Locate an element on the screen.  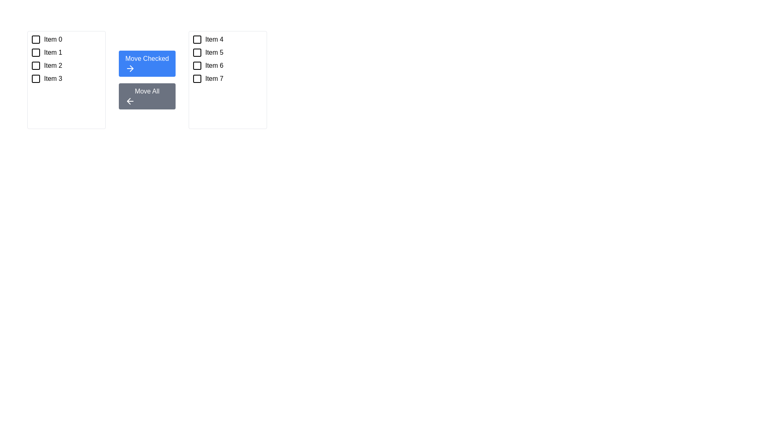
the 'Move Checked' button is located at coordinates (131, 68).